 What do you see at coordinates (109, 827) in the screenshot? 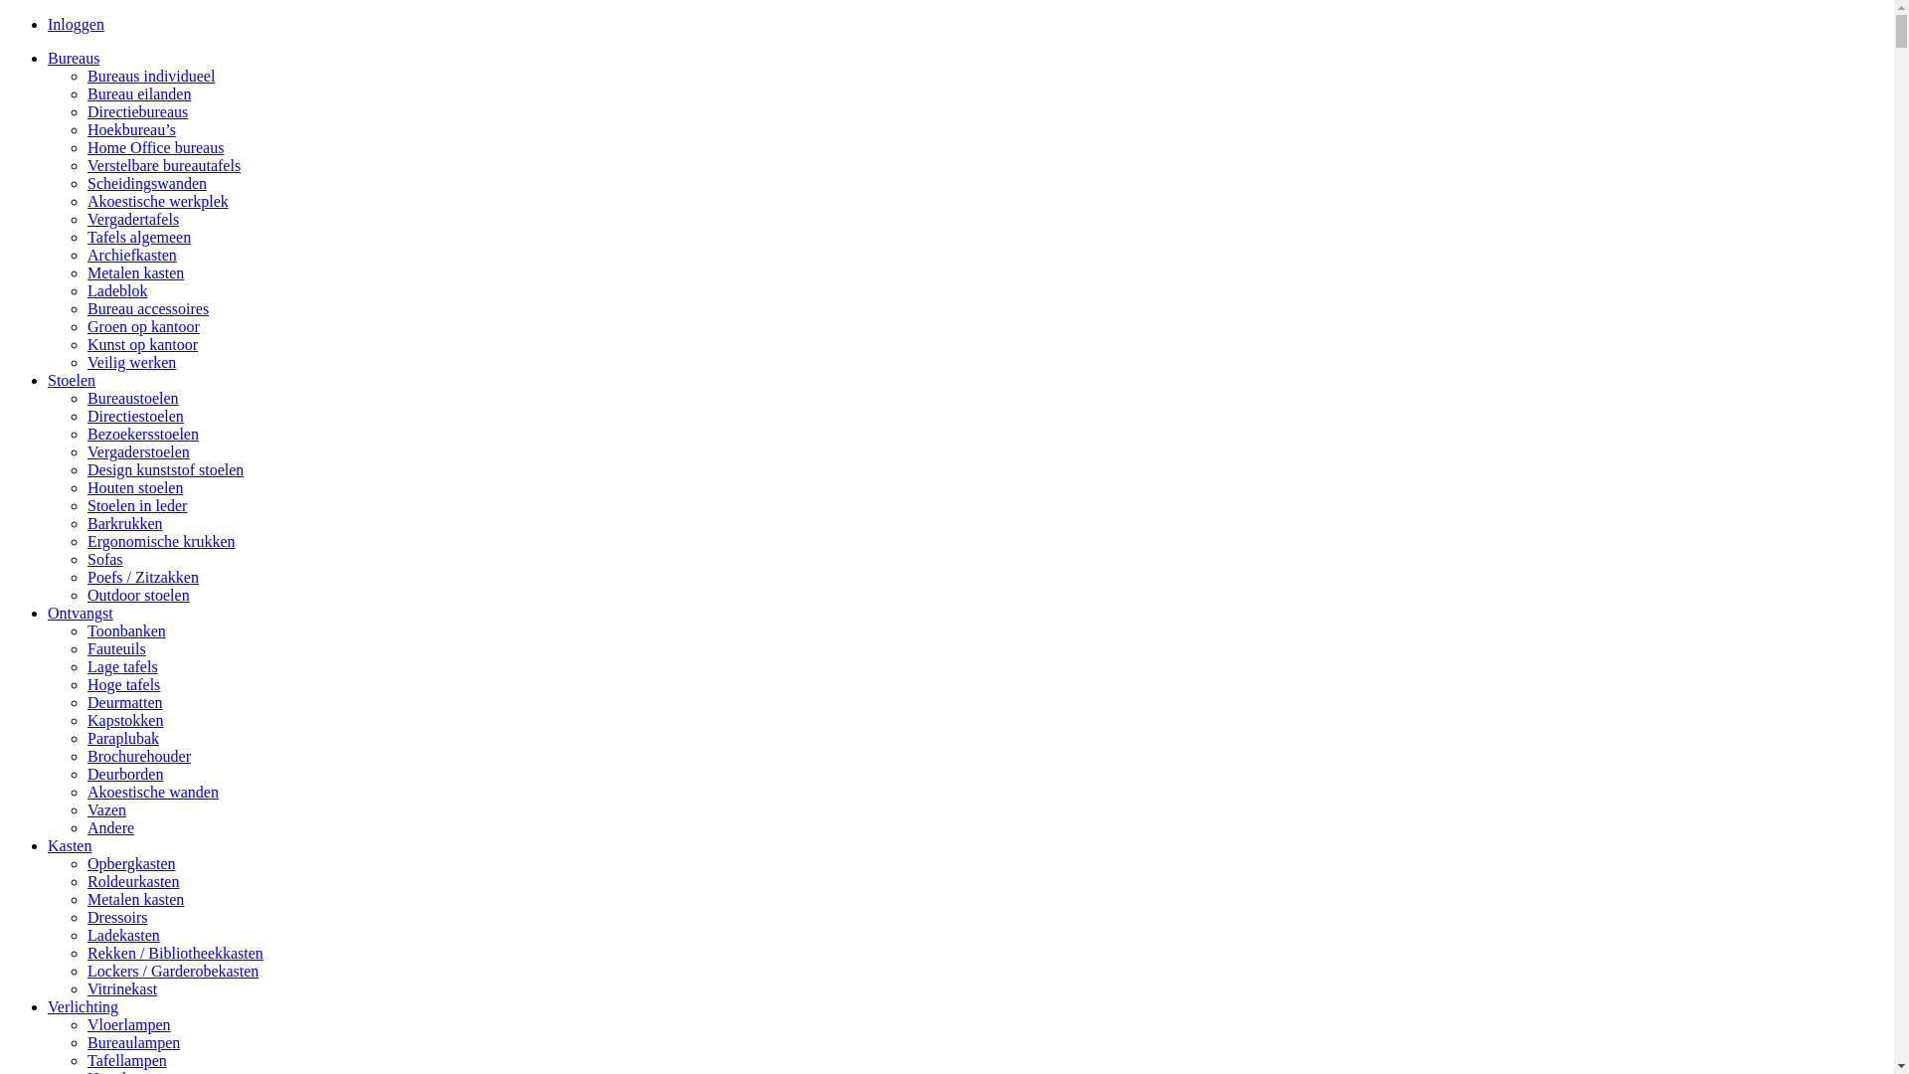
I see `'Andere'` at bounding box center [109, 827].